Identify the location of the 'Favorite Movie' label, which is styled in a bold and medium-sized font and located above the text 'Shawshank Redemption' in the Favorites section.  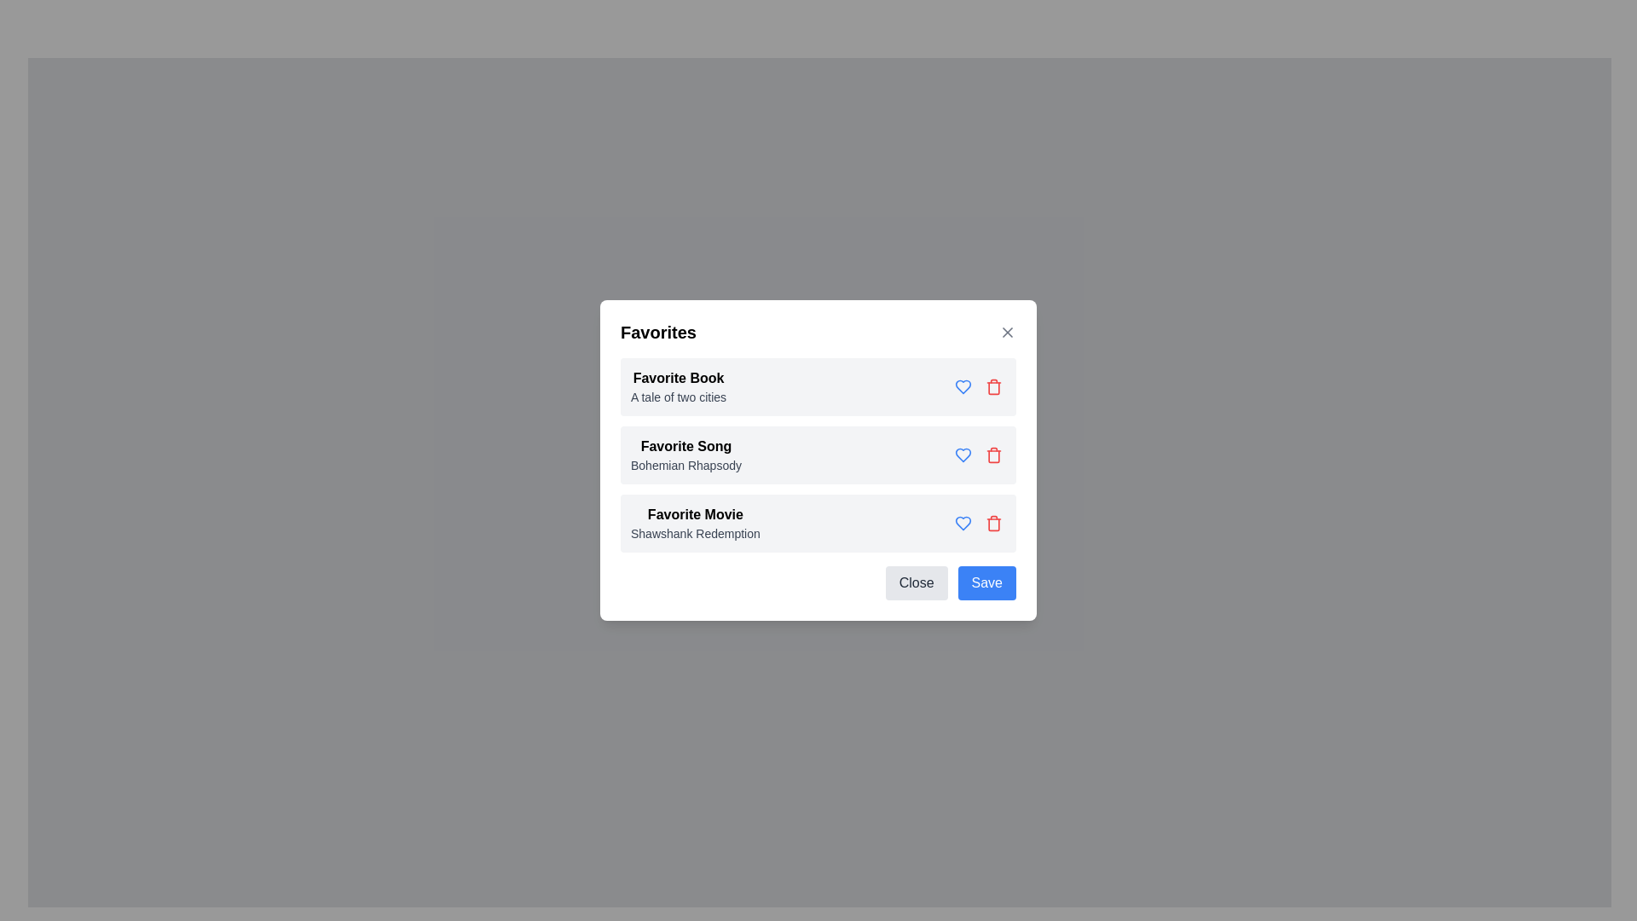
(695, 514).